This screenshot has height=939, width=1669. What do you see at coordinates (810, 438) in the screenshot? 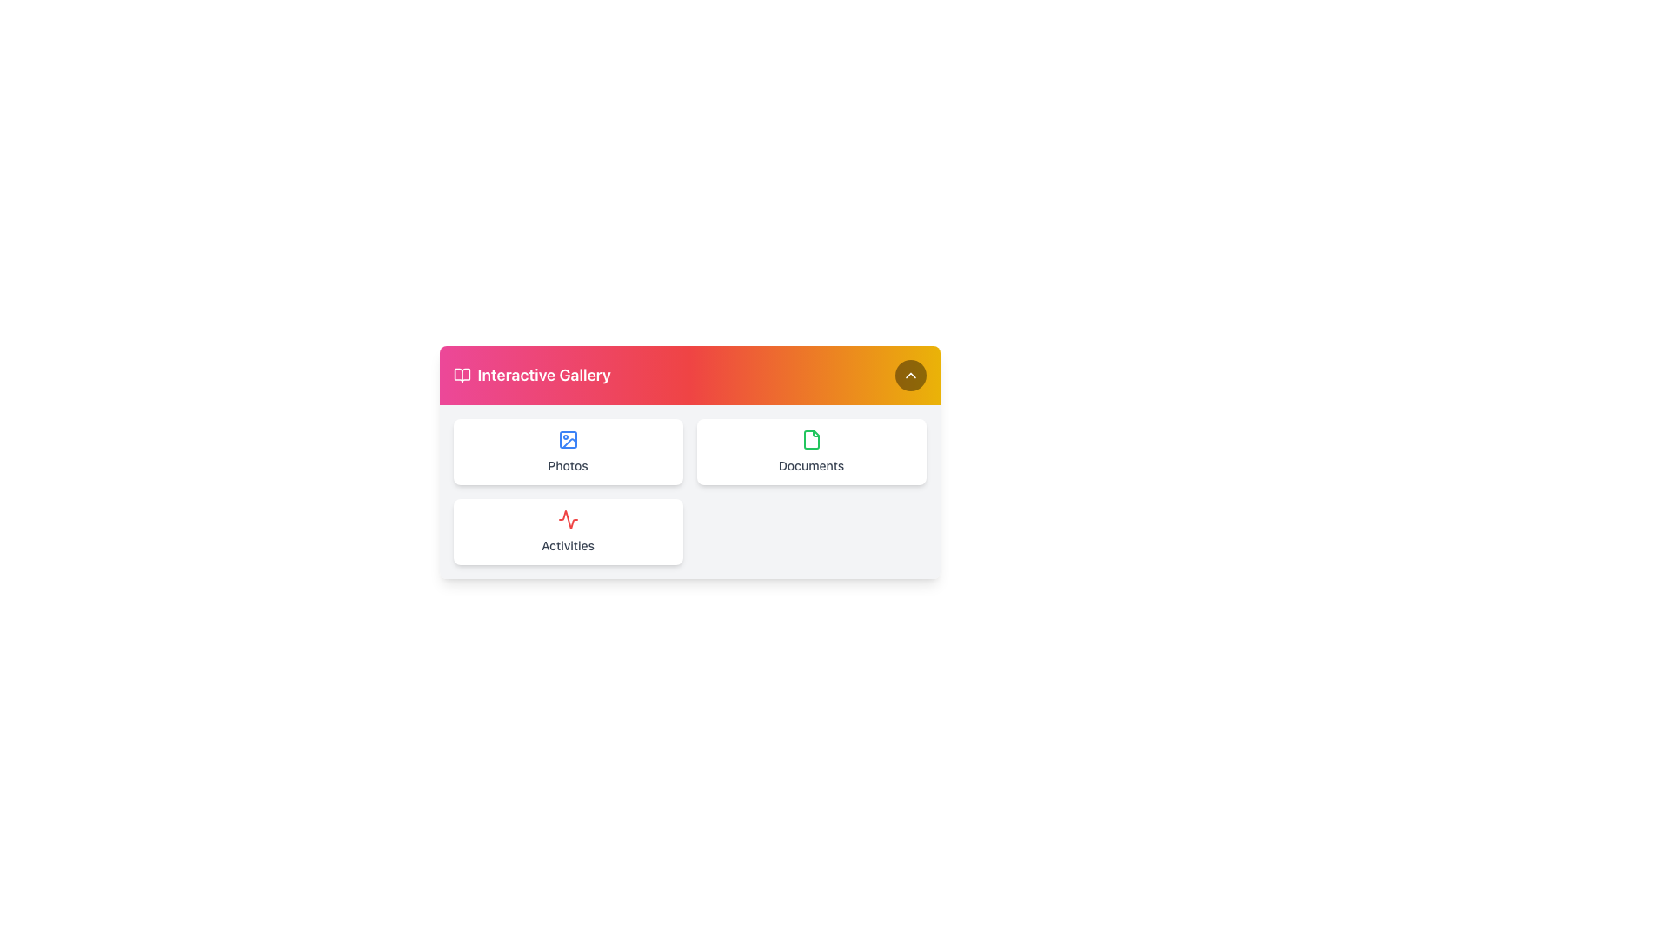
I see `the green document icon located in the 'Documents' button within the second column of the top row in the grid layout` at bounding box center [810, 438].